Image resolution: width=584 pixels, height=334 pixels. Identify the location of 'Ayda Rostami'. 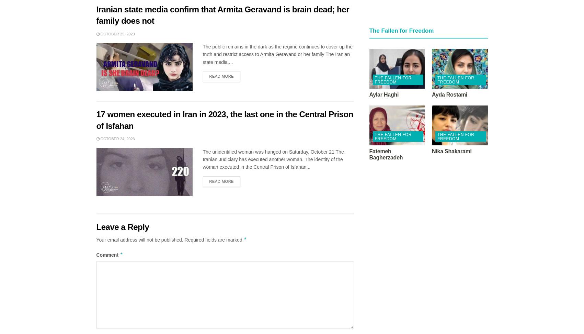
(449, 94).